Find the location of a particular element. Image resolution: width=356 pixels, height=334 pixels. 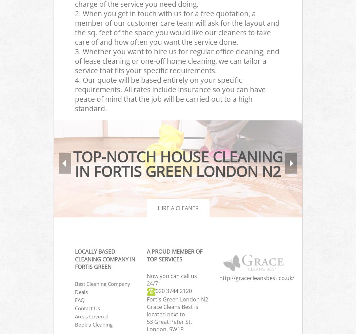

'Hire a cleaner' is located at coordinates (157, 207).